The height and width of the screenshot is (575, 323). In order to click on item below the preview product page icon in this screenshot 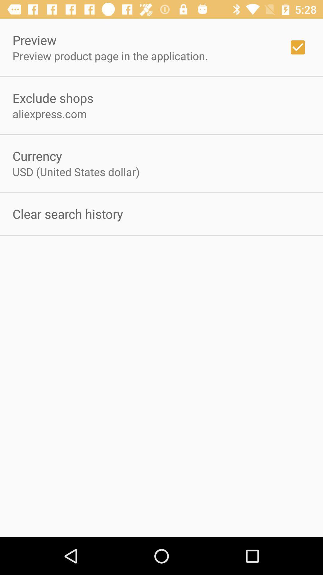, I will do `click(53, 98)`.